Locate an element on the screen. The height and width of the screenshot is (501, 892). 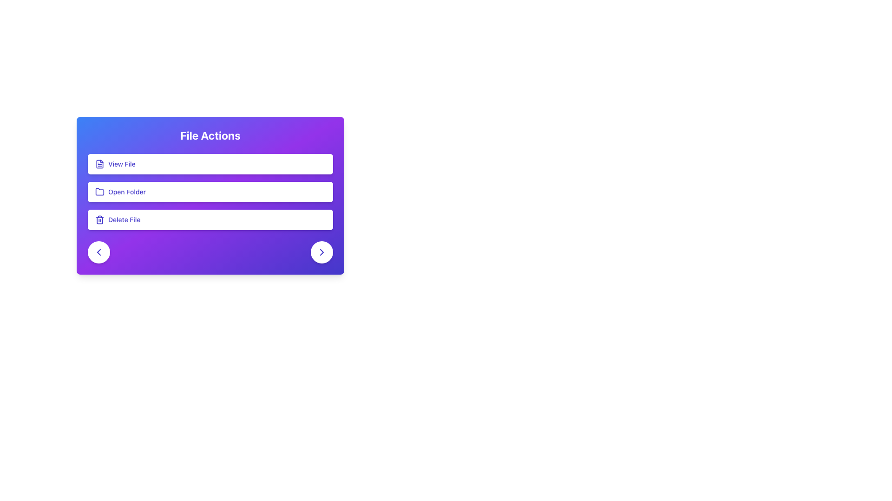
the button that opens a folder or directory, located between the 'View File' and 'Delete File' buttons is located at coordinates (210, 191).